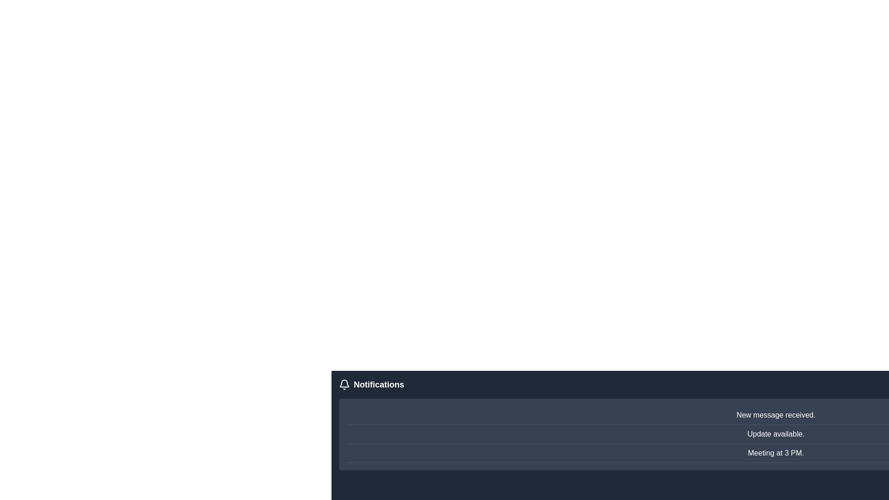 The height and width of the screenshot is (500, 889). I want to click on label indicating the purpose of the notification section located at the top-left corner of the notification panel, so click(371, 384).